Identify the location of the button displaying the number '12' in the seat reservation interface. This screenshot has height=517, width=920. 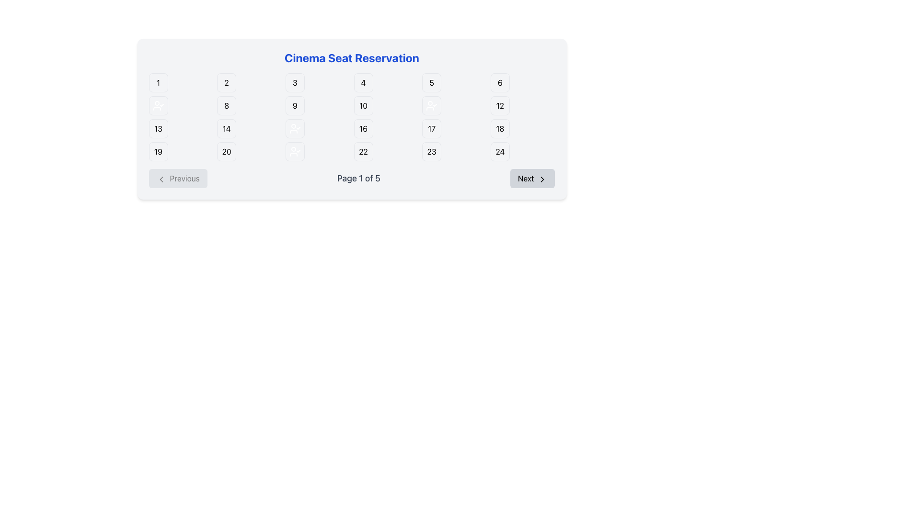
(499, 105).